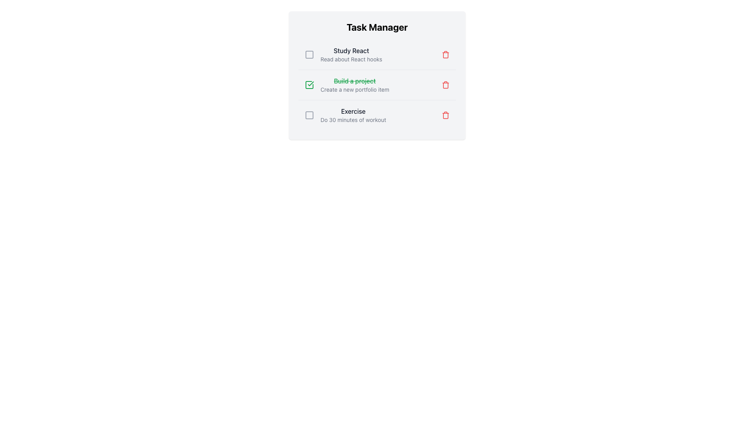 The width and height of the screenshot is (756, 425). Describe the element at coordinates (309, 115) in the screenshot. I see `the red checkbox icon next to the 'Exercise' task in the task list` at that location.